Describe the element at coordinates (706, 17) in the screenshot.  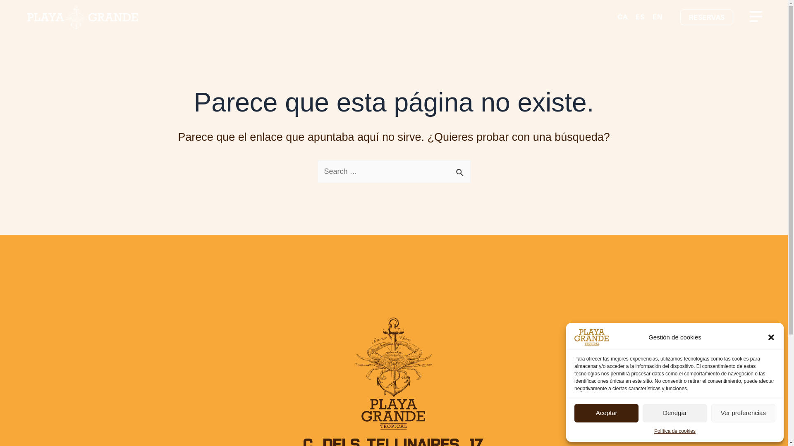
I see `'RESERVAS'` at that location.